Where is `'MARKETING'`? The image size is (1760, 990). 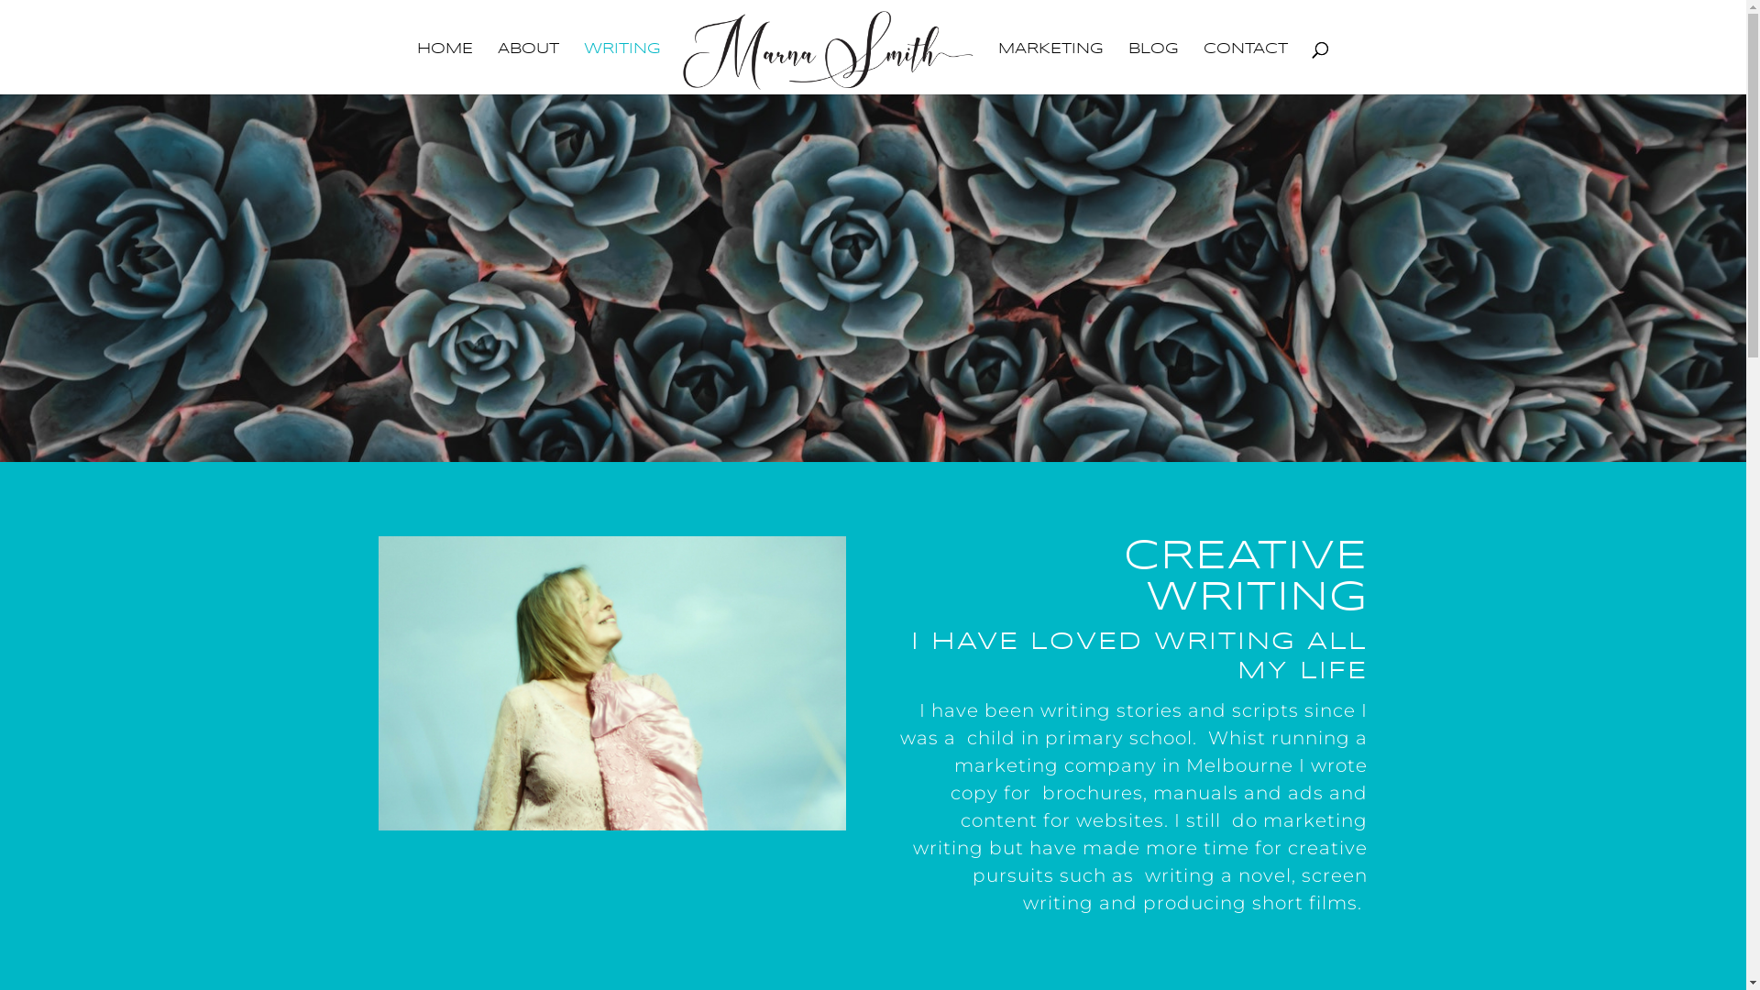 'MARKETING' is located at coordinates (1050, 67).